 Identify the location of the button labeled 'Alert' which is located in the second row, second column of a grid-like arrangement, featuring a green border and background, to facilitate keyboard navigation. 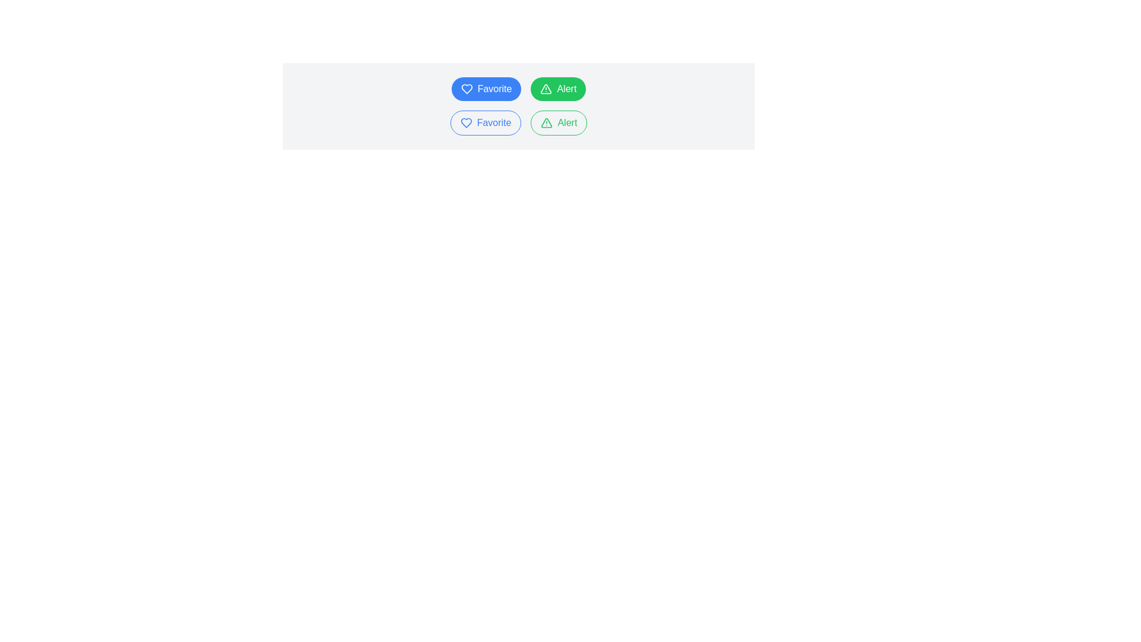
(566, 123).